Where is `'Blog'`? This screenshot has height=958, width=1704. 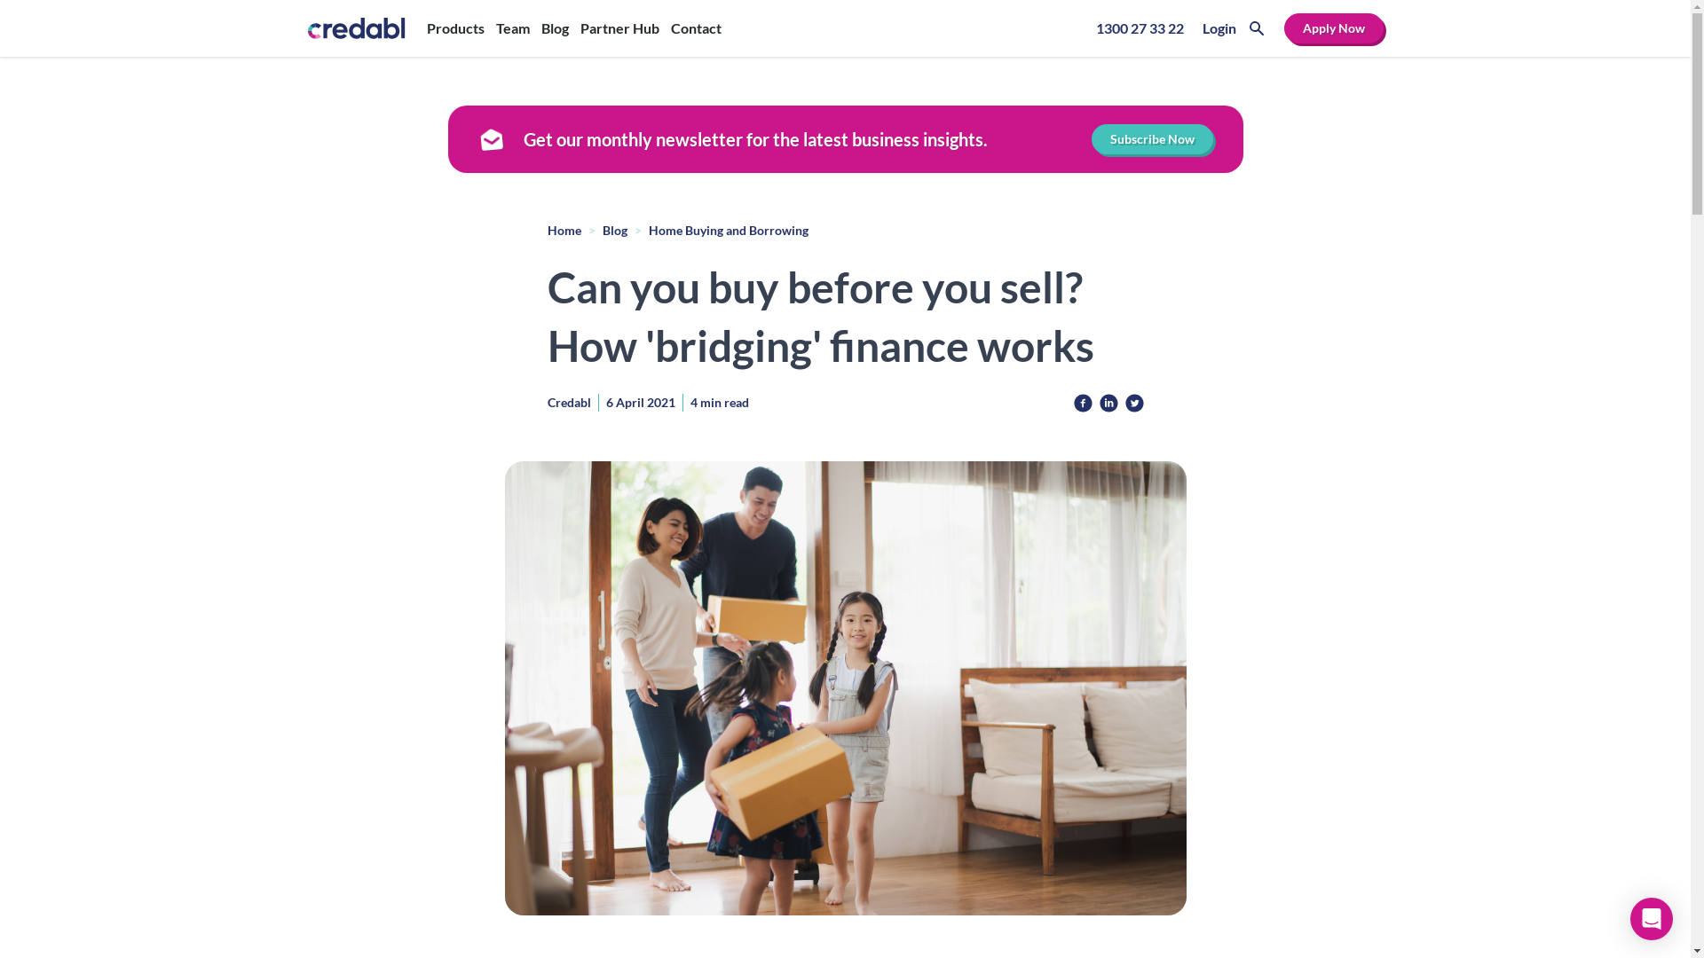
'Blog' is located at coordinates (554, 27).